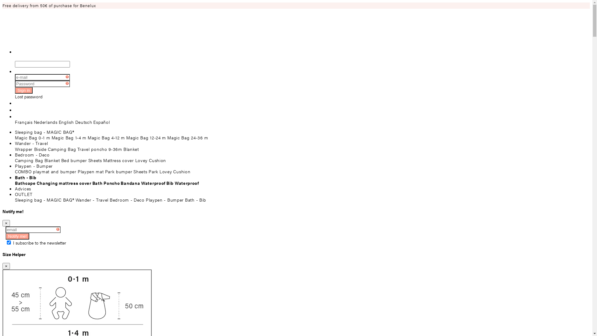 This screenshot has width=597, height=336. Describe the element at coordinates (25, 182) in the screenshot. I see `'Bathcape'` at that location.